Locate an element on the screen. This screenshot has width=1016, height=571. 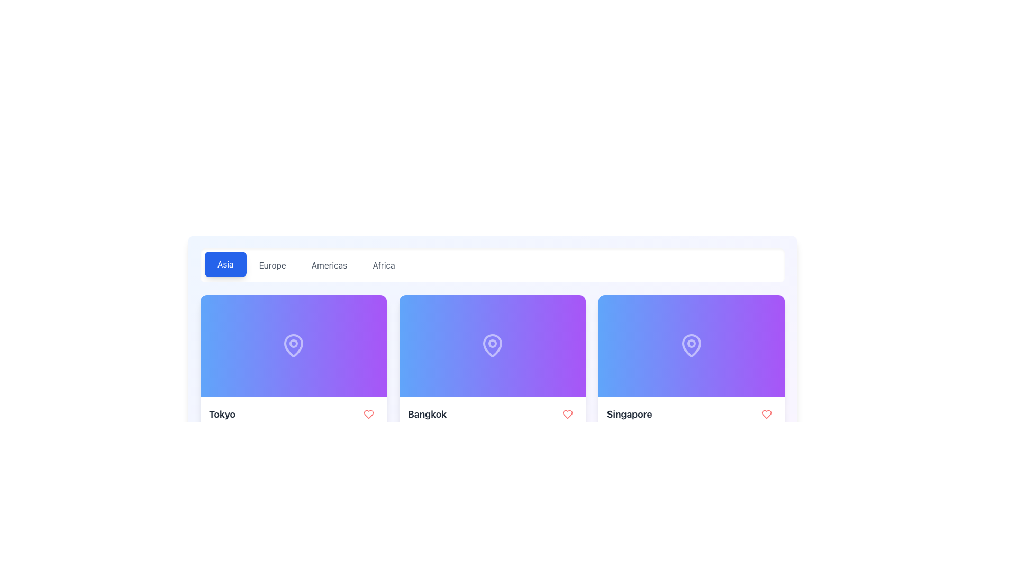
the interactive button located at the bottom-right corner of the 'Singapore' card is located at coordinates (767, 413).